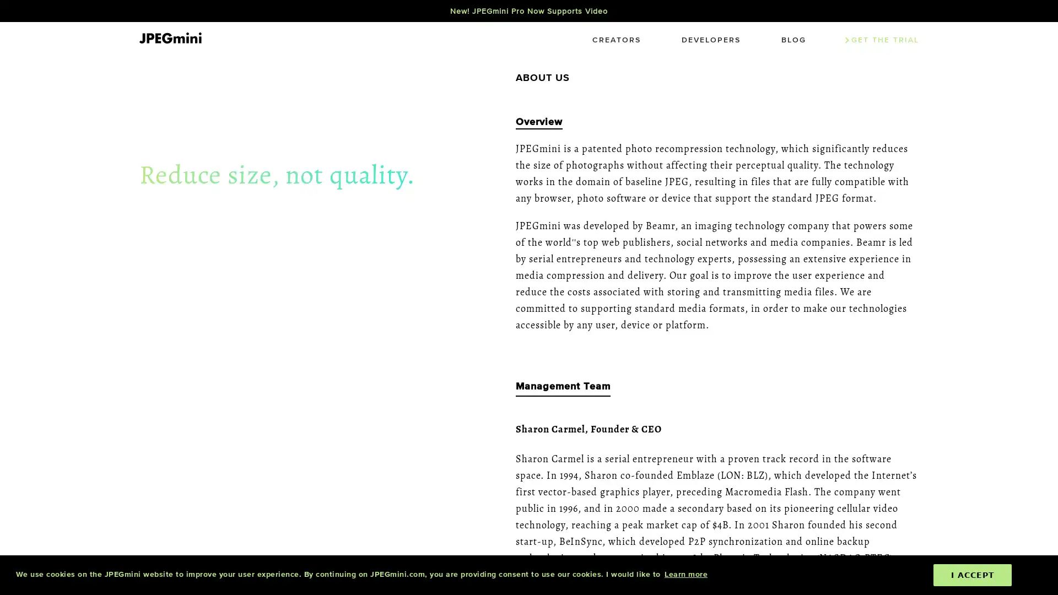 Image resolution: width=1058 pixels, height=595 pixels. Describe the element at coordinates (685, 574) in the screenshot. I see `learn more about cookies` at that location.